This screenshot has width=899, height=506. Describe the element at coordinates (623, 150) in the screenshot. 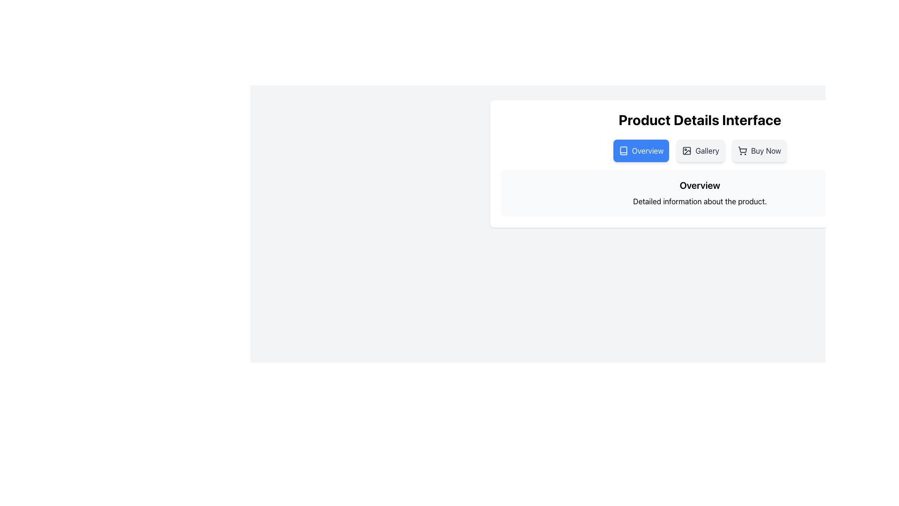

I see `the book icon embedded within the 'Overview' button located in the top-center area of the interface below the title 'Product Details Interface'` at that location.